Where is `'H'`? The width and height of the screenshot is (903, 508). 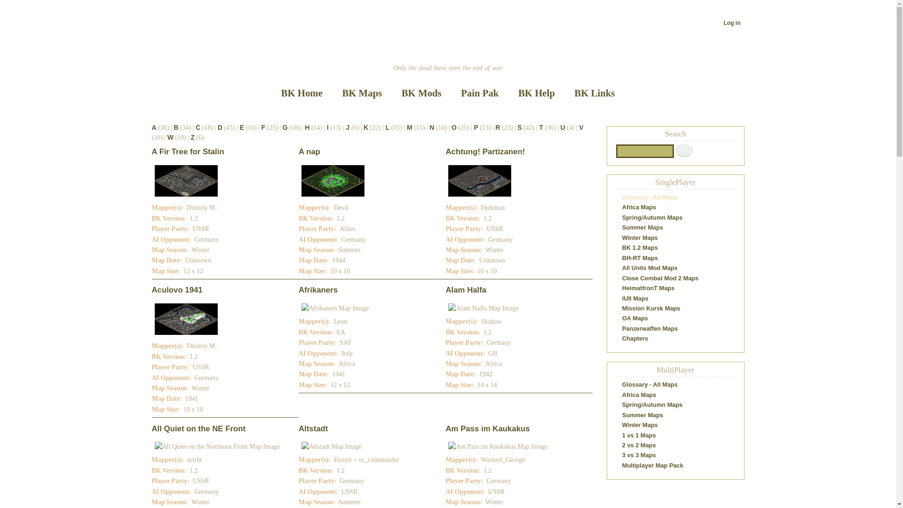
'H' is located at coordinates (305, 127).